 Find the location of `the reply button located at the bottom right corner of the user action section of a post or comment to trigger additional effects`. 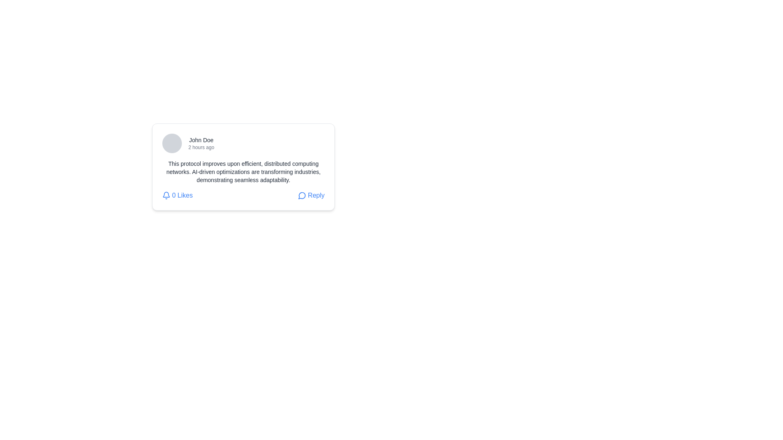

the reply button located at the bottom right corner of the user action section of a post or comment to trigger additional effects is located at coordinates (311, 195).